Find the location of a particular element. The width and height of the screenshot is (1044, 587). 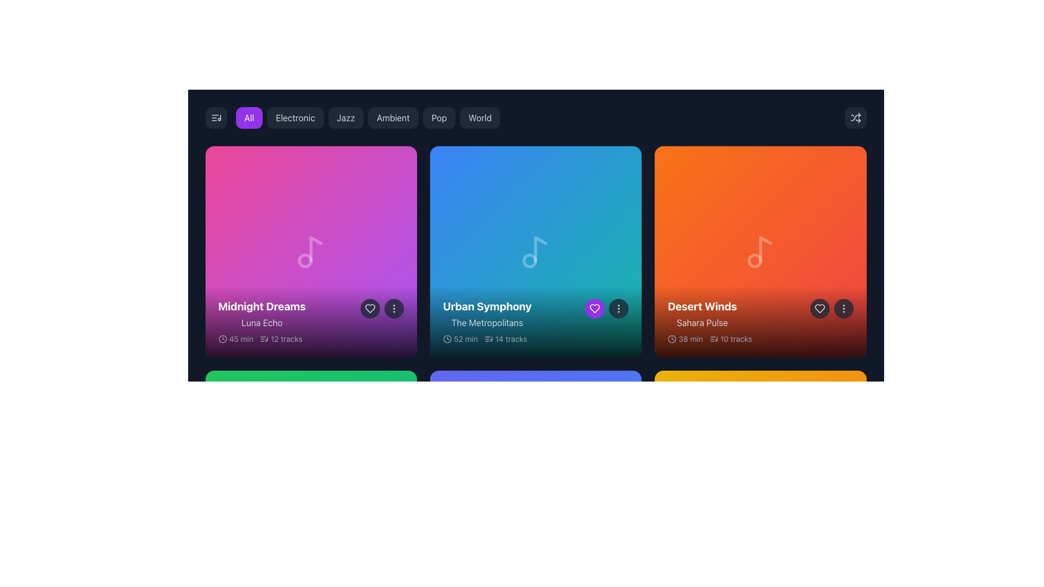

the subtitle text label located below 'Desert Winds' within the orange-colored card is located at coordinates (702, 322).